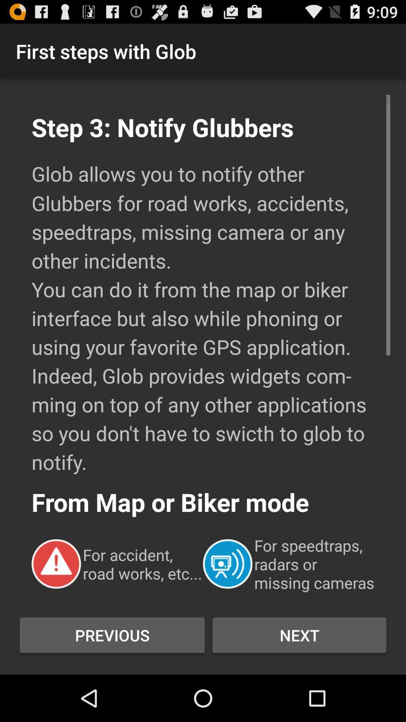  What do you see at coordinates (299, 635) in the screenshot?
I see `the item below the for speedtraps radars item` at bounding box center [299, 635].